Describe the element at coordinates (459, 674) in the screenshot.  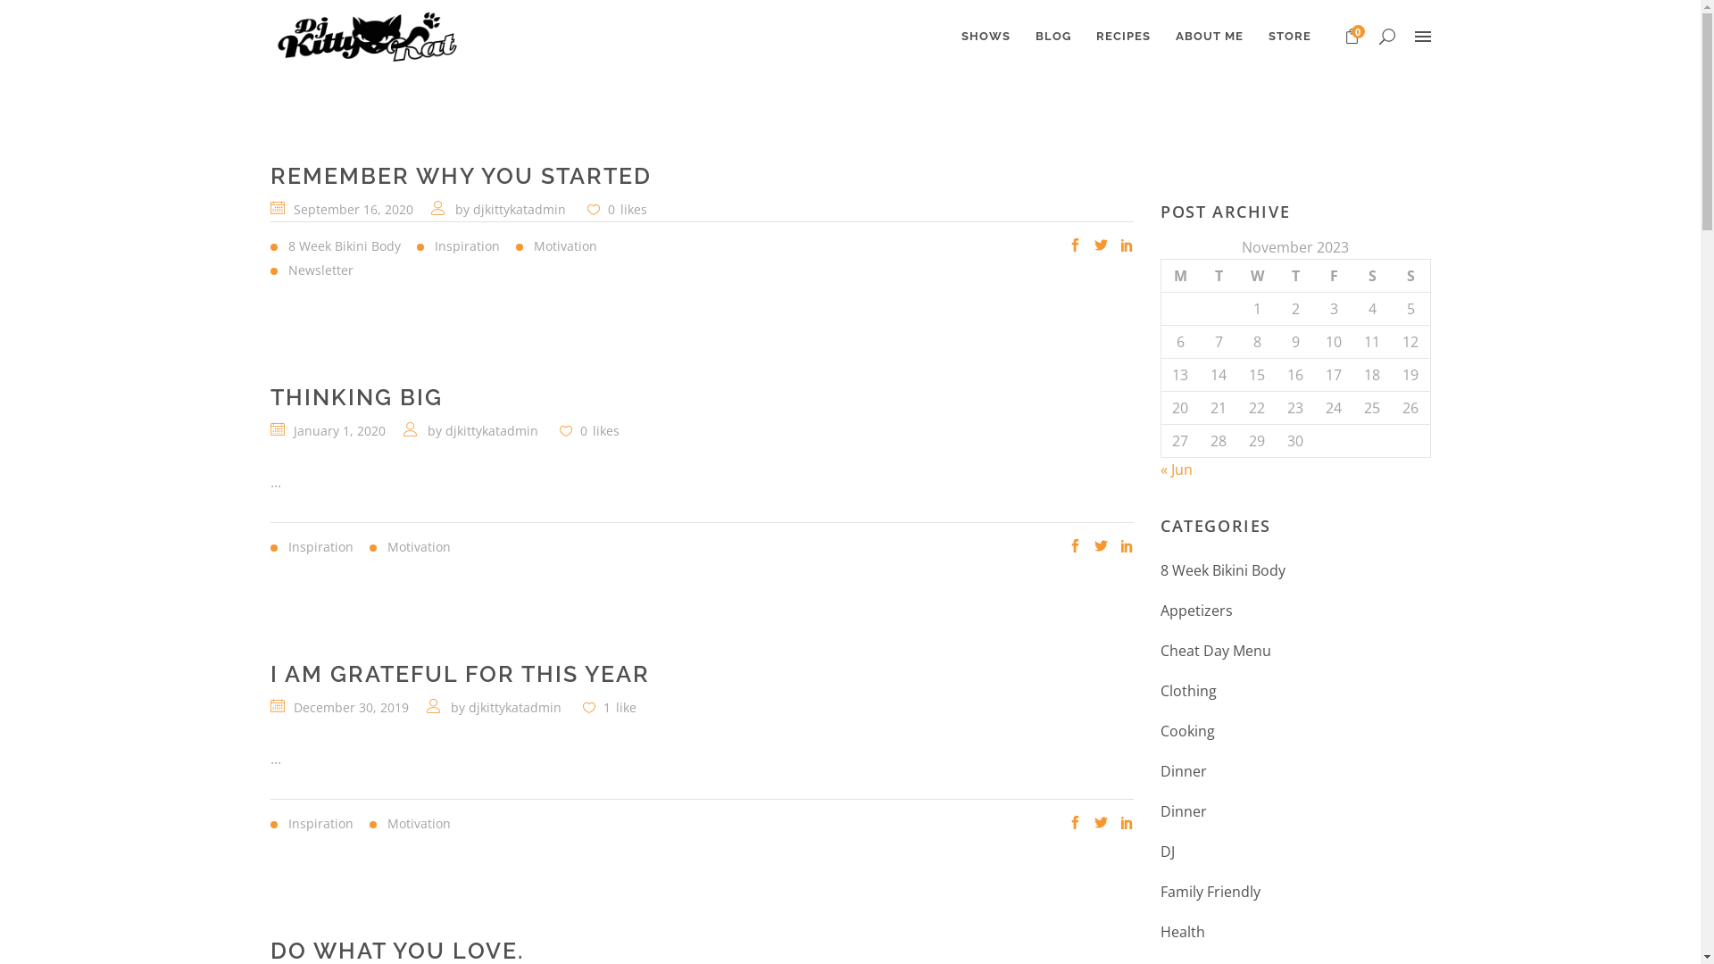
I see `'I AM GRATEFUL FOR THIS YEAR'` at that location.